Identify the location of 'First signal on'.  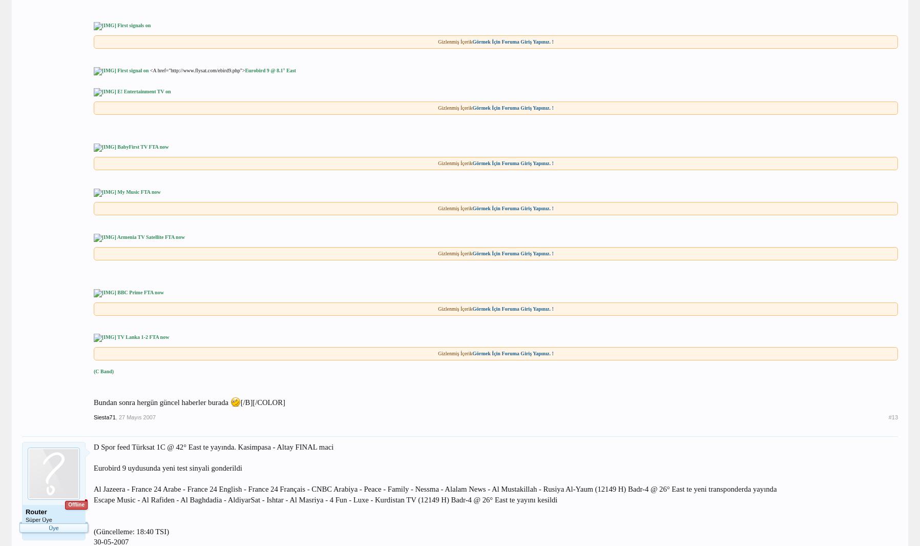
(132, 69).